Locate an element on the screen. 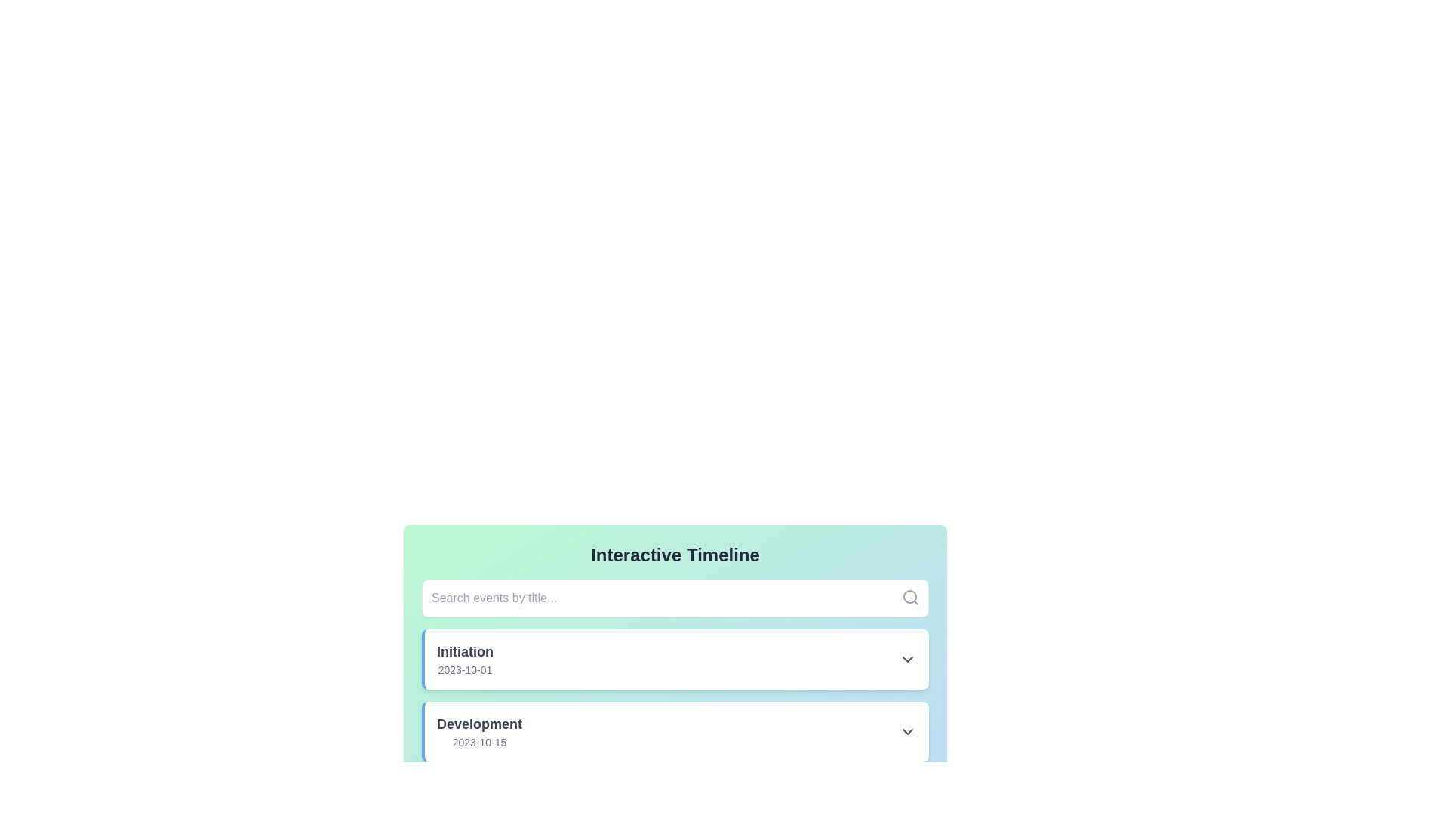  text of the heading and subheading content labeled 'Initiation' and '2023-10-01' located within the top entry of the timeline card is located at coordinates (464, 659).